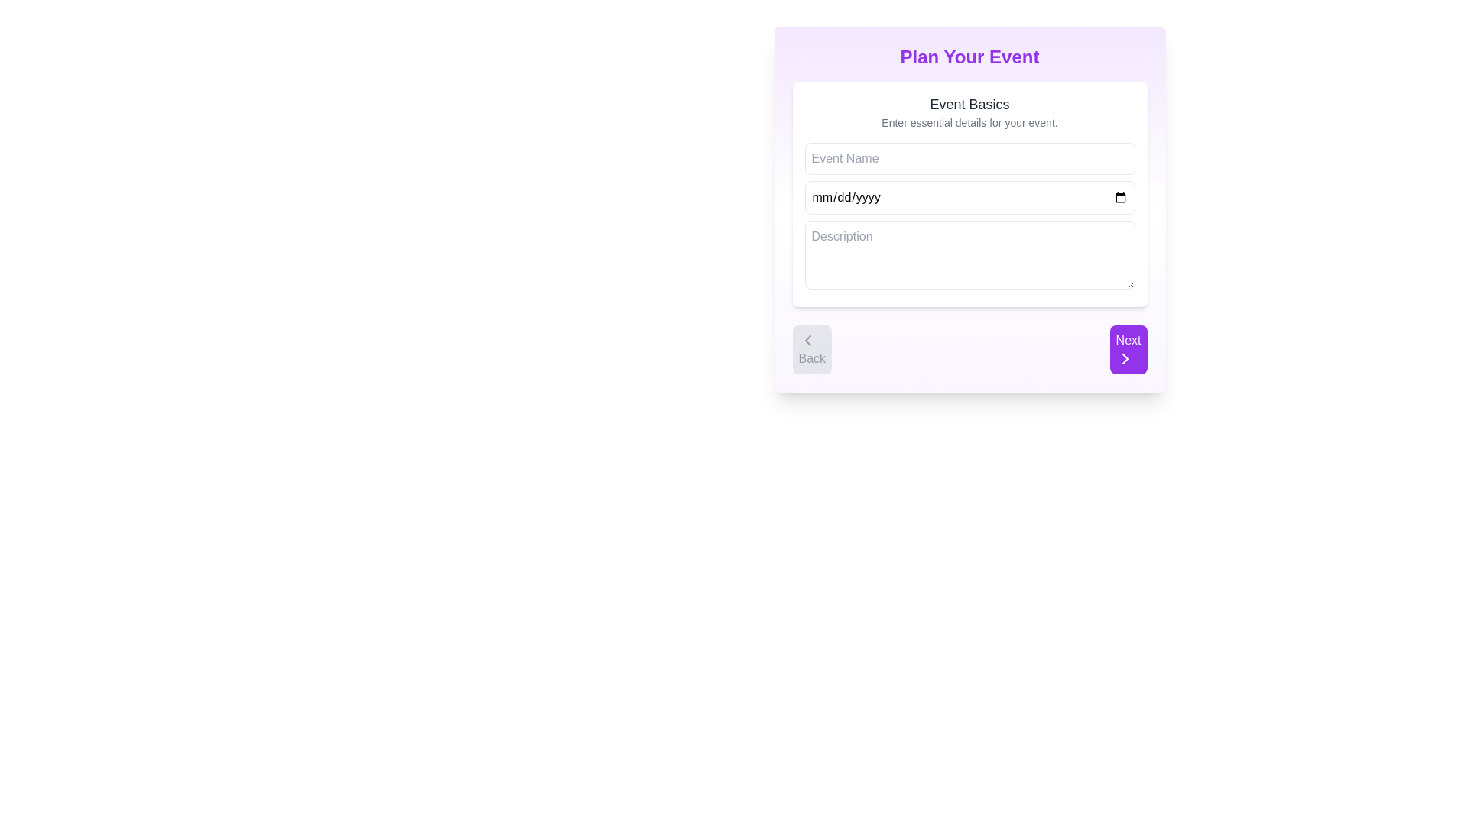  What do you see at coordinates (807, 340) in the screenshot?
I see `the left-pointing chevron icon located near the bottom-left corner of the dialog box within the 'Back' button` at bounding box center [807, 340].